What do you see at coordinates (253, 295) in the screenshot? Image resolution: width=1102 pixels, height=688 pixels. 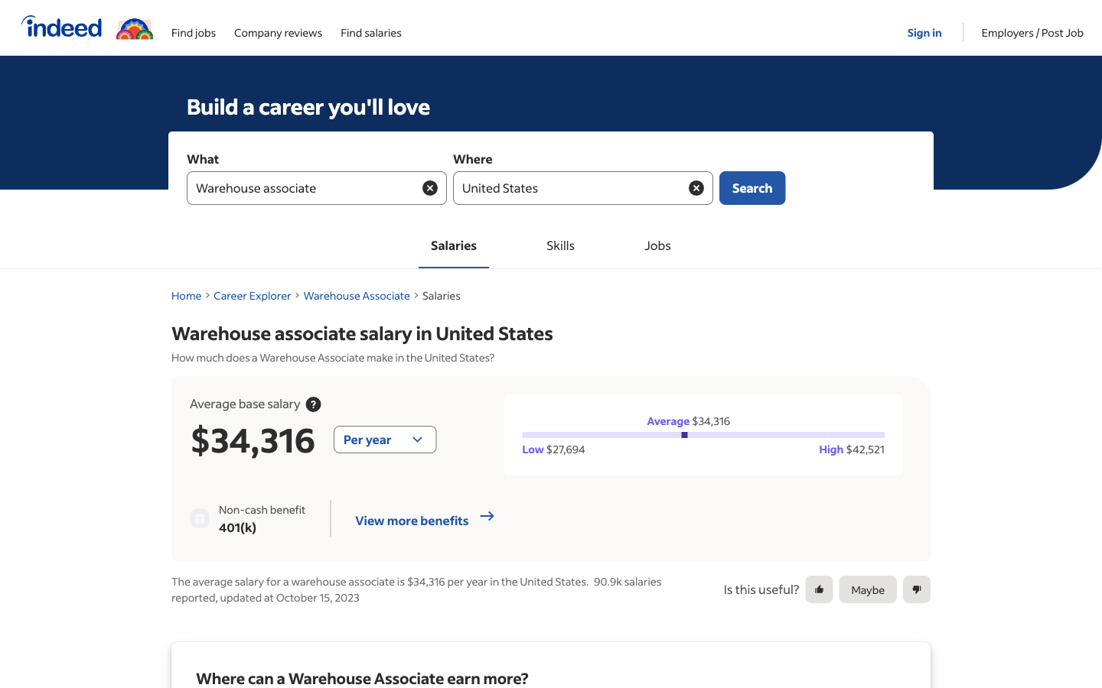 I see `Go back to career explorer page` at bounding box center [253, 295].